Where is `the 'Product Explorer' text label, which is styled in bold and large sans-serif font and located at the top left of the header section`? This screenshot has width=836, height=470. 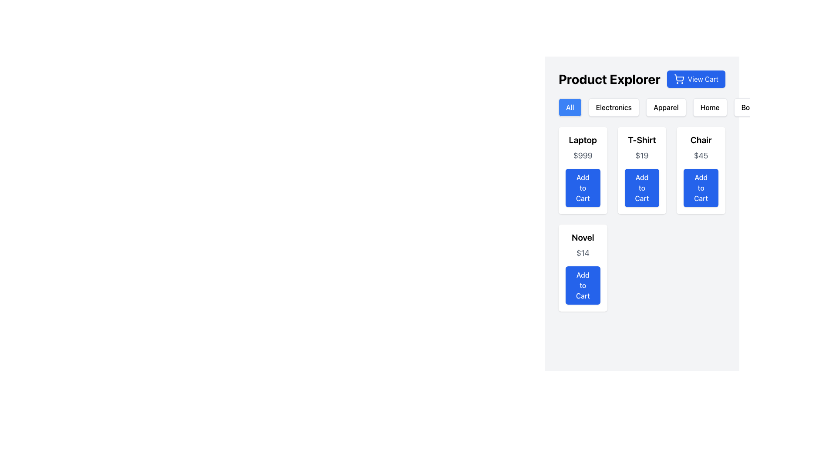
the 'Product Explorer' text label, which is styled in bold and large sans-serif font and located at the top left of the header section is located at coordinates (609, 79).